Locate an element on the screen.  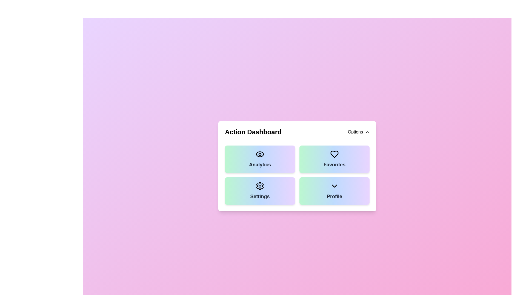
the 'Settings' text label located within the card in the bottom-left quadrant of the grid interface is located at coordinates (260, 196).